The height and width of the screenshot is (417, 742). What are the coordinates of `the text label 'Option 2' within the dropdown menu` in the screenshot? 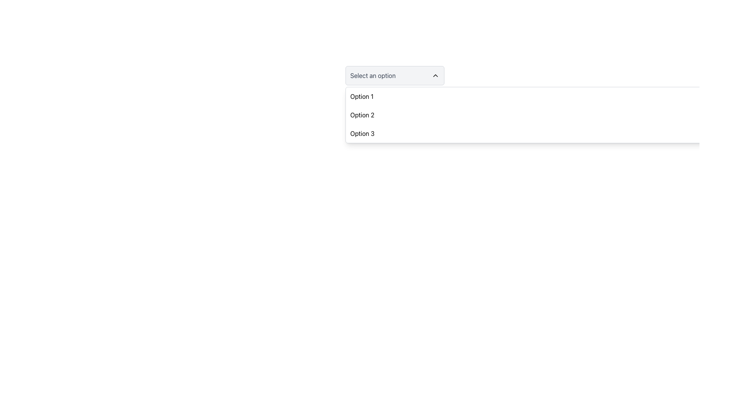 It's located at (362, 115).